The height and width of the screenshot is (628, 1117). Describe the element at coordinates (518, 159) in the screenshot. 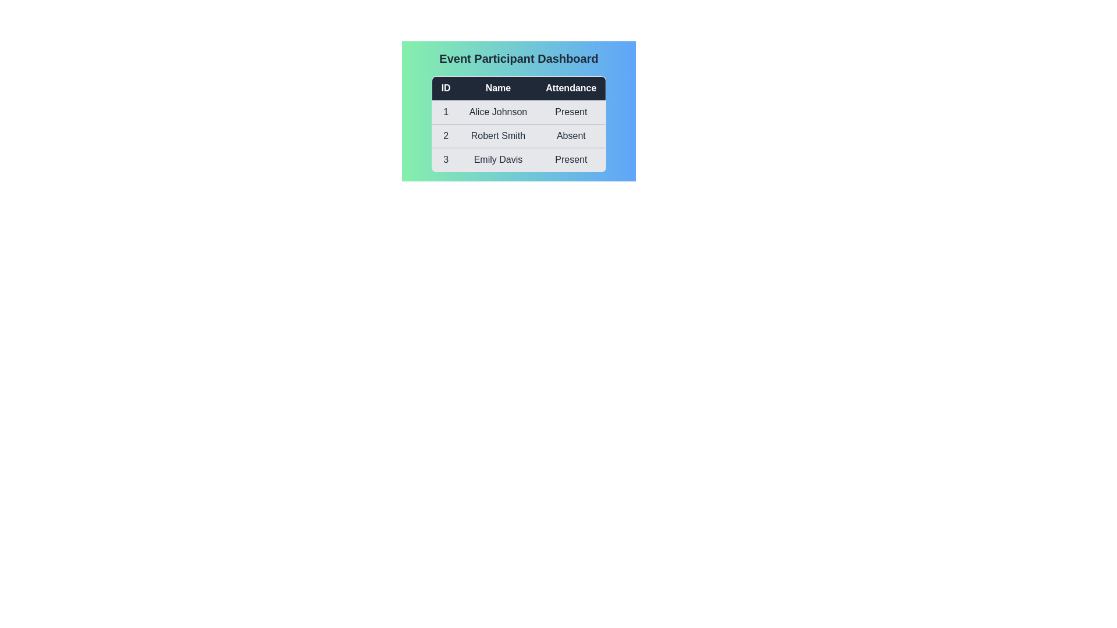

I see `the third row in the attendance table, which displays the ID, name, and attendance status of an individual` at that location.